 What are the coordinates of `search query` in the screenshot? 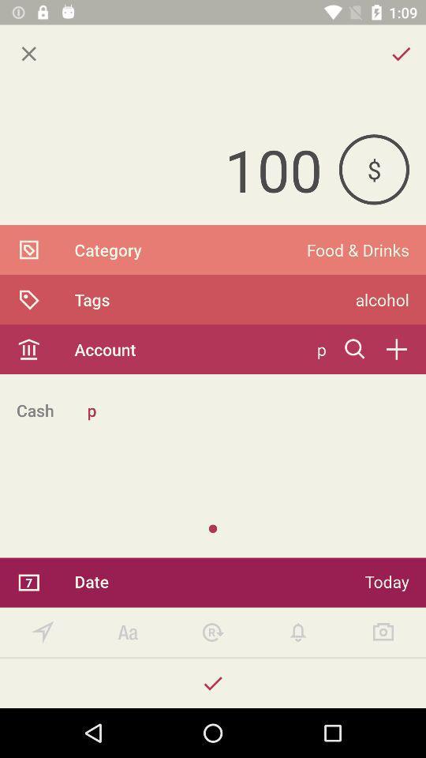 It's located at (355, 349).